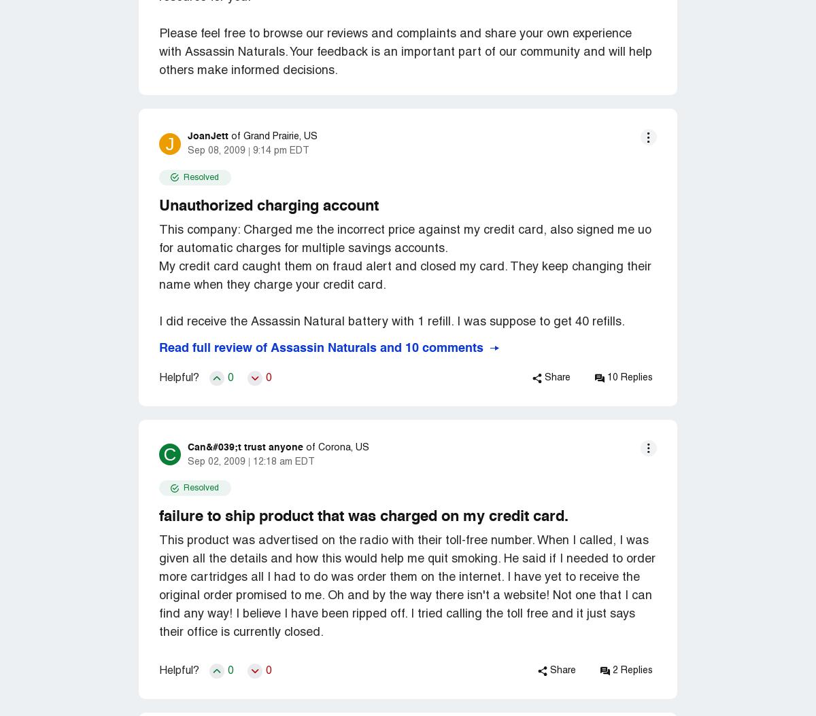 This screenshot has height=716, width=816. I want to click on 'Unlimited Vacation Club', so click(448, 18).